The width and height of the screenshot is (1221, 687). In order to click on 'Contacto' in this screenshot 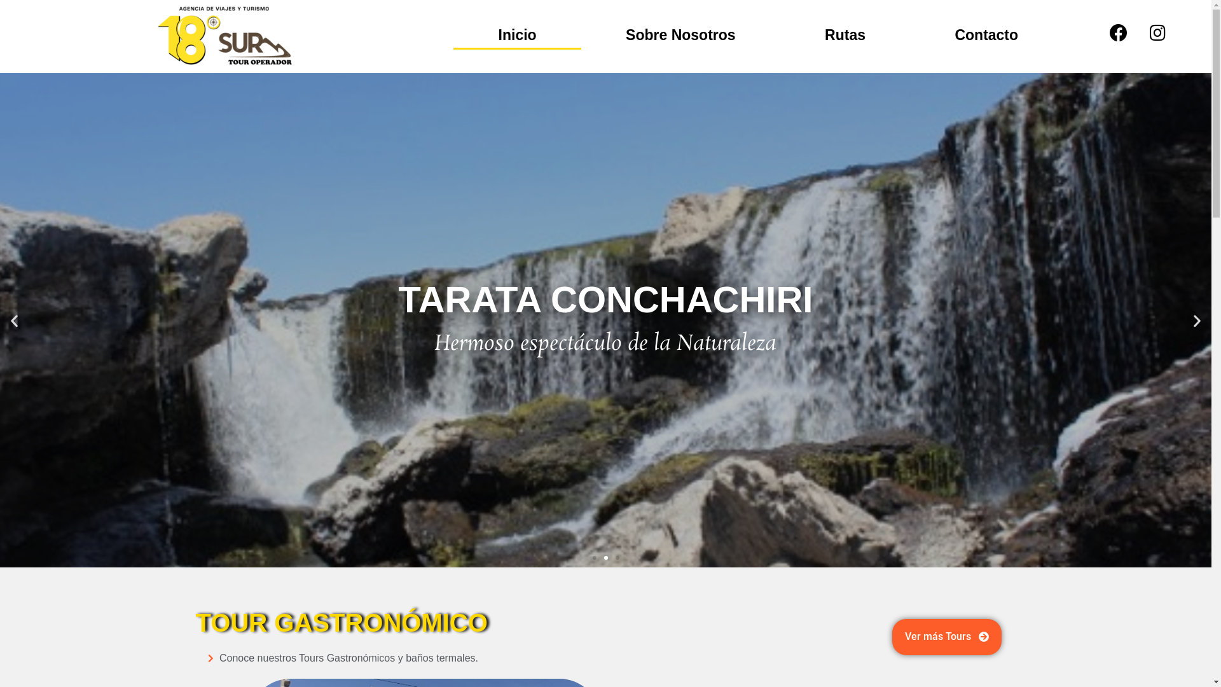, I will do `click(985, 34)`.